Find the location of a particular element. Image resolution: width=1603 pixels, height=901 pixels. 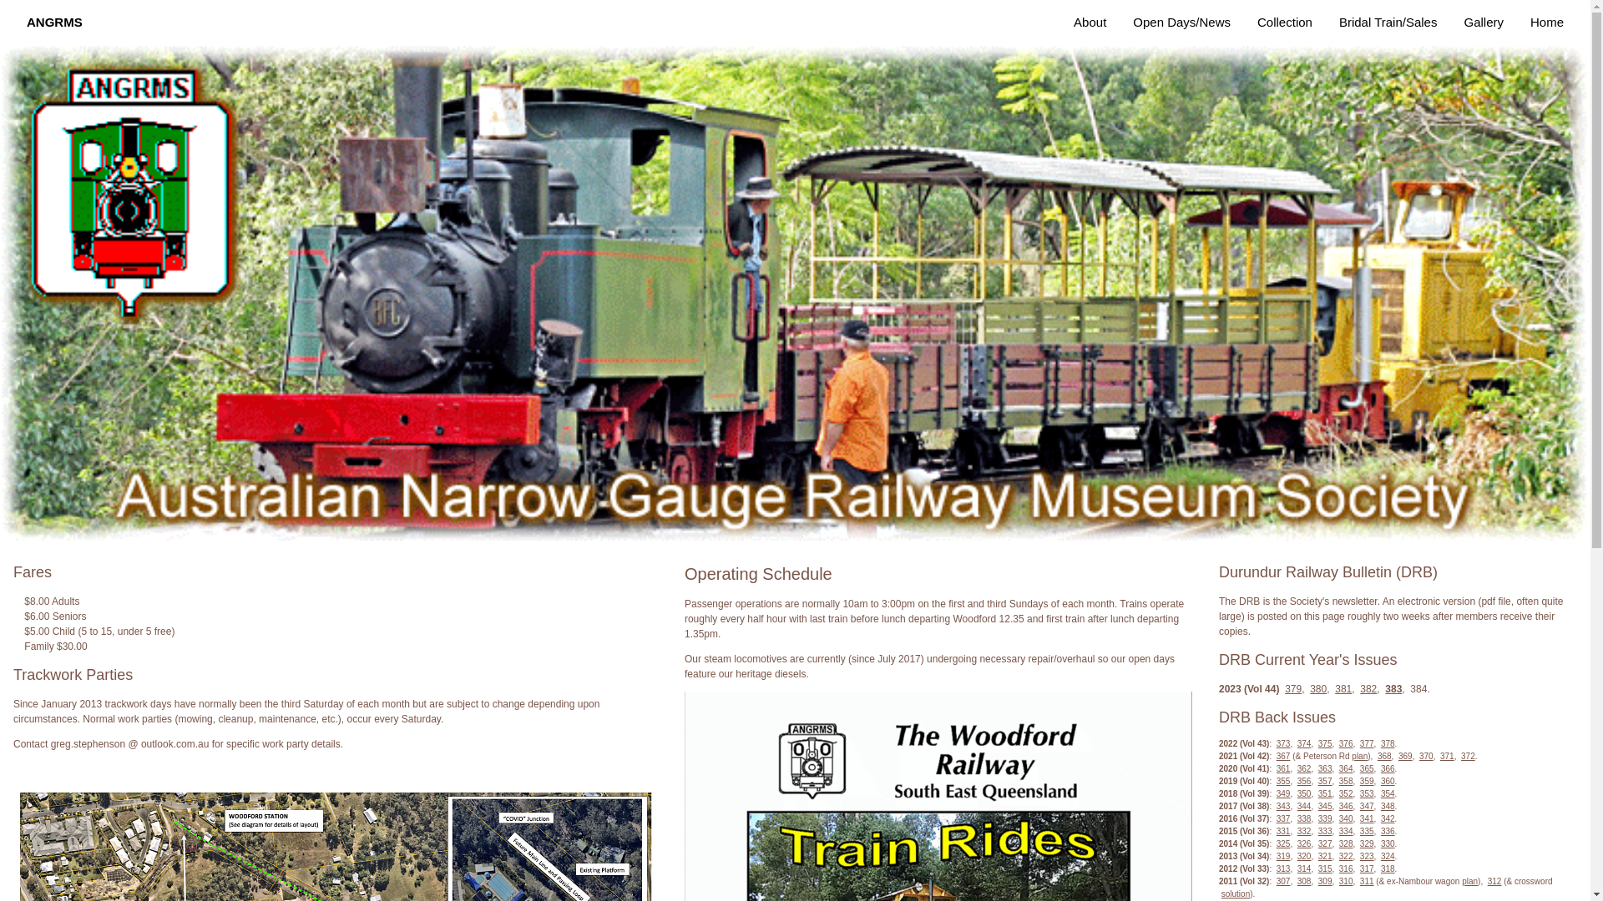

'383' is located at coordinates (1393, 688).